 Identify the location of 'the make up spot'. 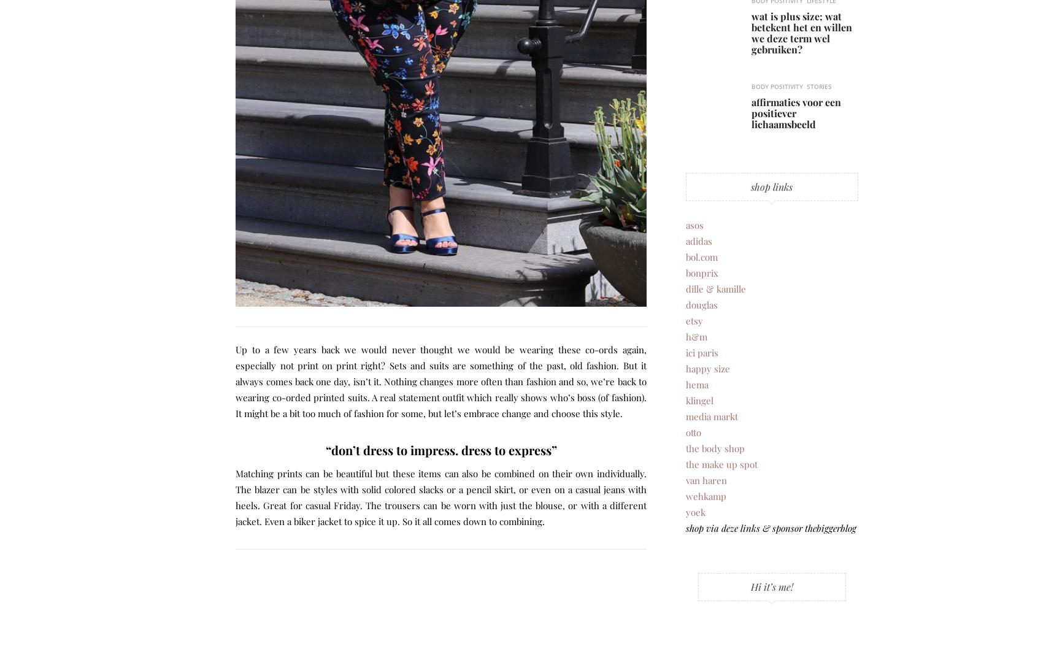
(685, 464).